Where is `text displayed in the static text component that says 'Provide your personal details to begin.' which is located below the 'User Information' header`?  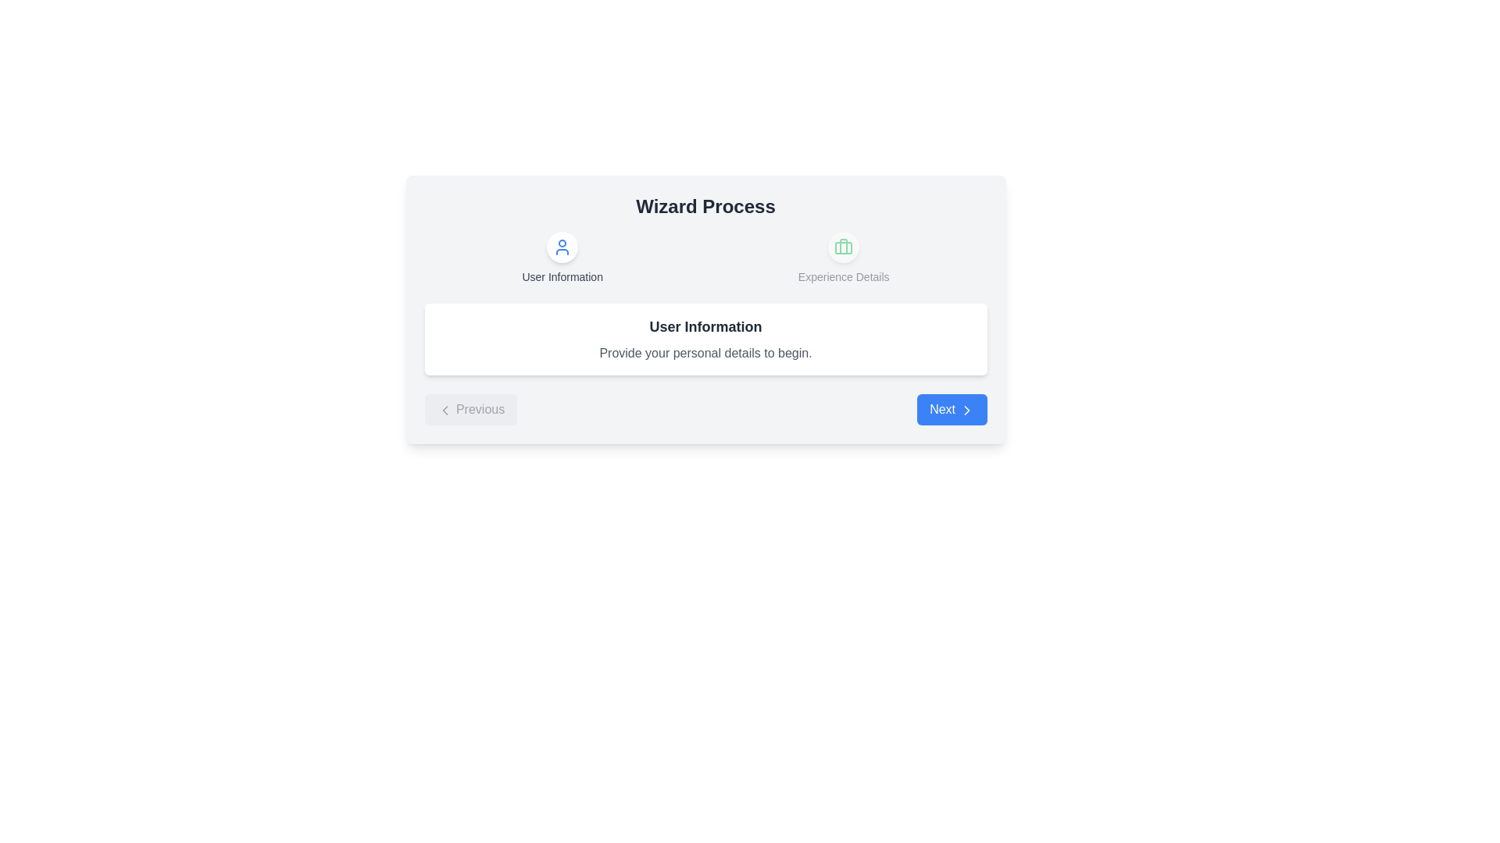
text displayed in the static text component that says 'Provide your personal details to begin.' which is located below the 'User Information' header is located at coordinates (705, 353).